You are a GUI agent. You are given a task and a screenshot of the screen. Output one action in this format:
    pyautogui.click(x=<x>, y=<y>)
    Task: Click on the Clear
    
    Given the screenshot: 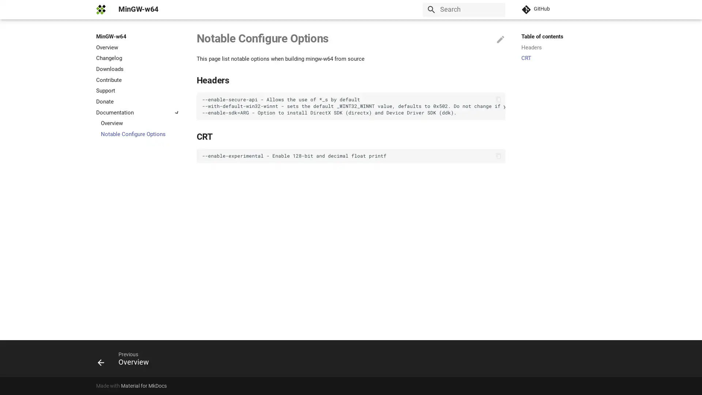 What is the action you would take?
    pyautogui.click(x=497, y=10)
    